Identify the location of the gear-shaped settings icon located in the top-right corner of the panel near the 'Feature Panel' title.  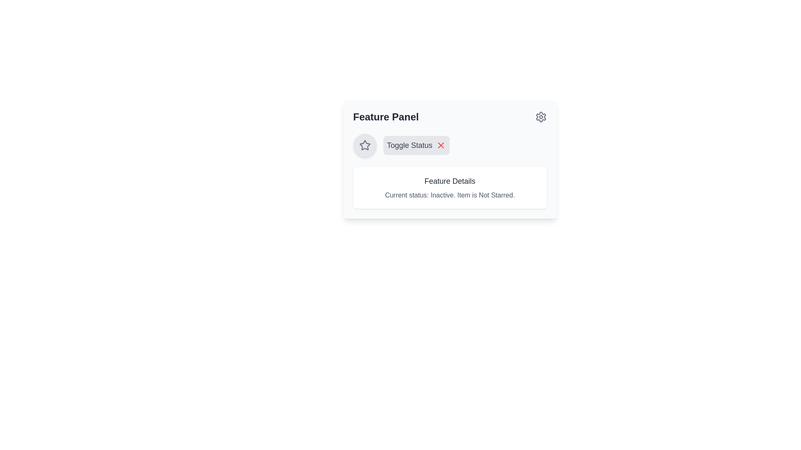
(541, 117).